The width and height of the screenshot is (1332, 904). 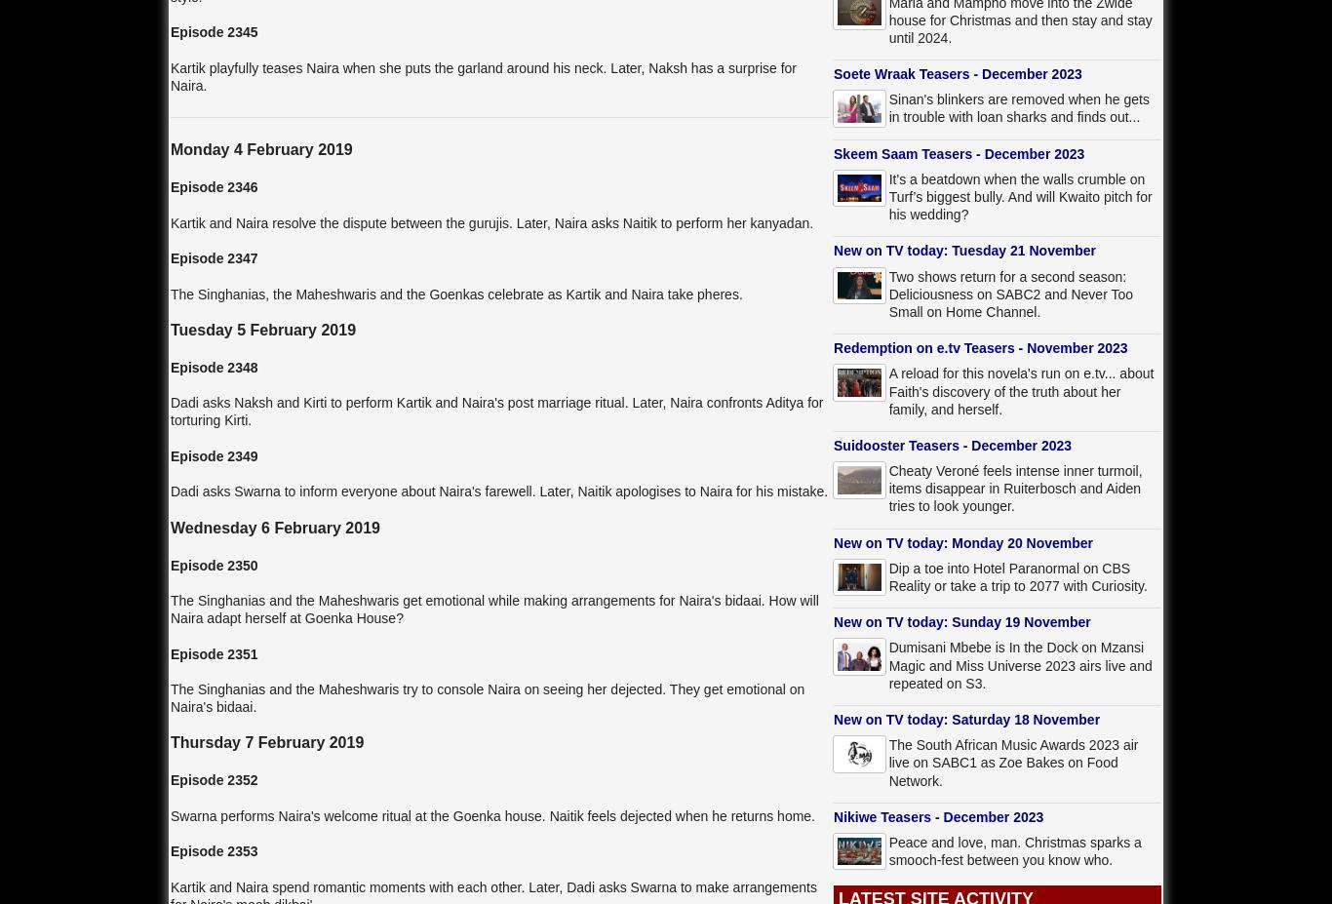 I want to click on 'Dip a toe into Hotel Paranormal on CBS Reality or take a trip to 2077 with Curiosity.', so click(x=1016, y=576).